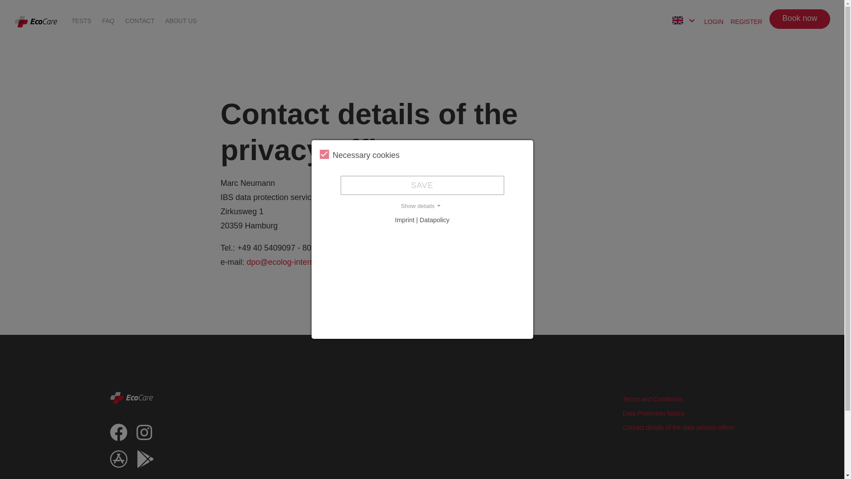 This screenshot has width=851, height=479. I want to click on 'REGISTER', so click(746, 20).